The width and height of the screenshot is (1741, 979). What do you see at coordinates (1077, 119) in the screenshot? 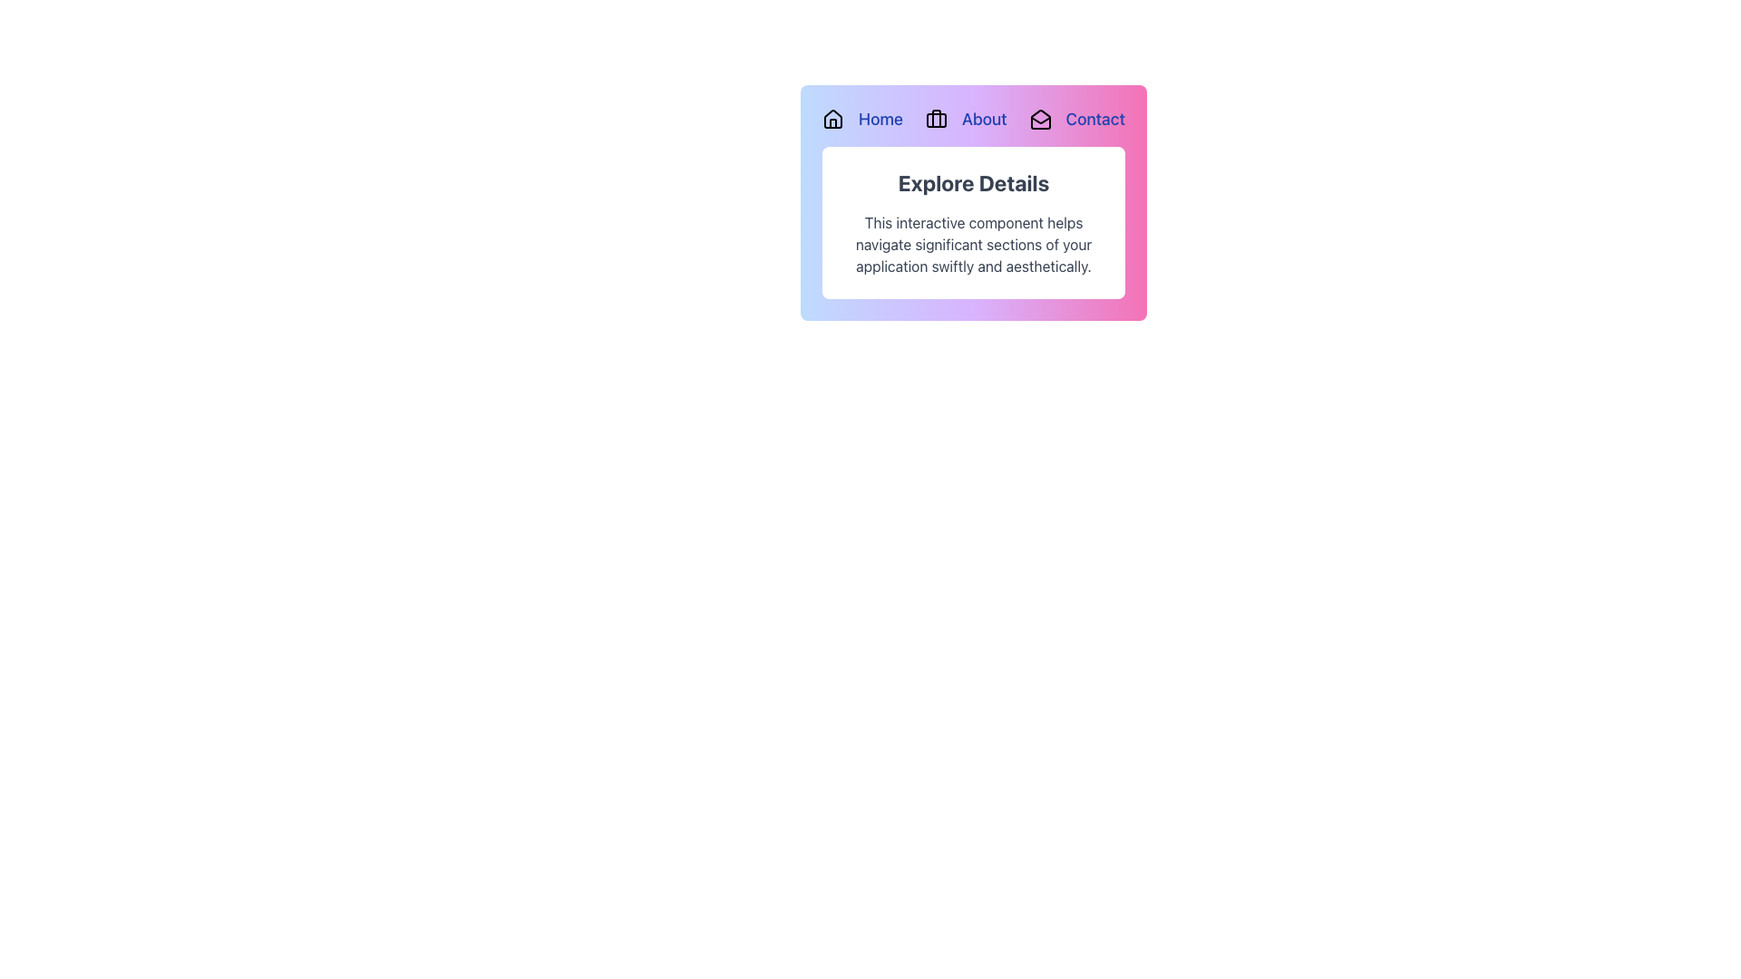
I see `the 'Contact' navigation link, which is the last item in the horizontal navigation menu, featuring an envelope icon and styled in blue font` at bounding box center [1077, 119].